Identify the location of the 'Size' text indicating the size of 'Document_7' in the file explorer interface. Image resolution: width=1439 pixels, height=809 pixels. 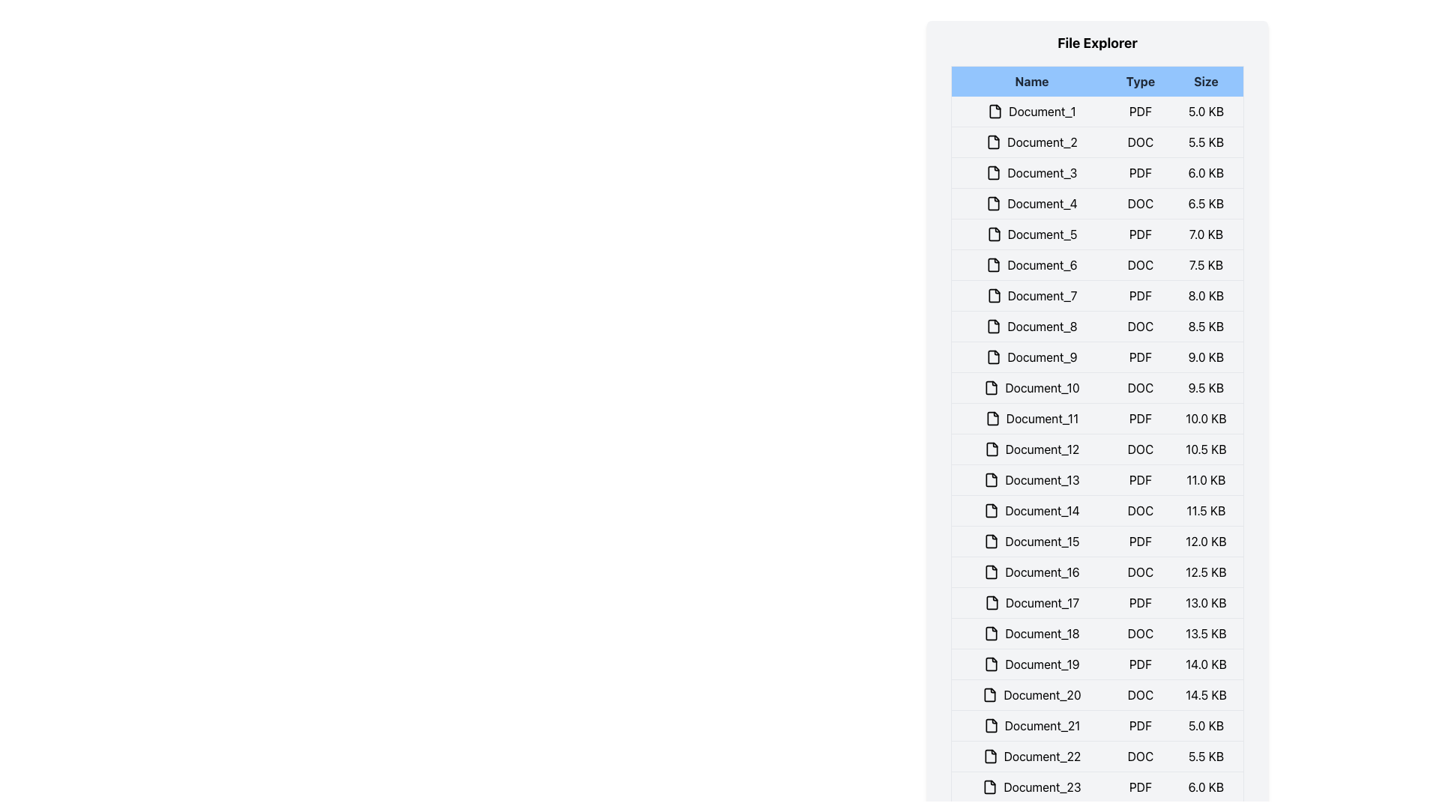
(1205, 295).